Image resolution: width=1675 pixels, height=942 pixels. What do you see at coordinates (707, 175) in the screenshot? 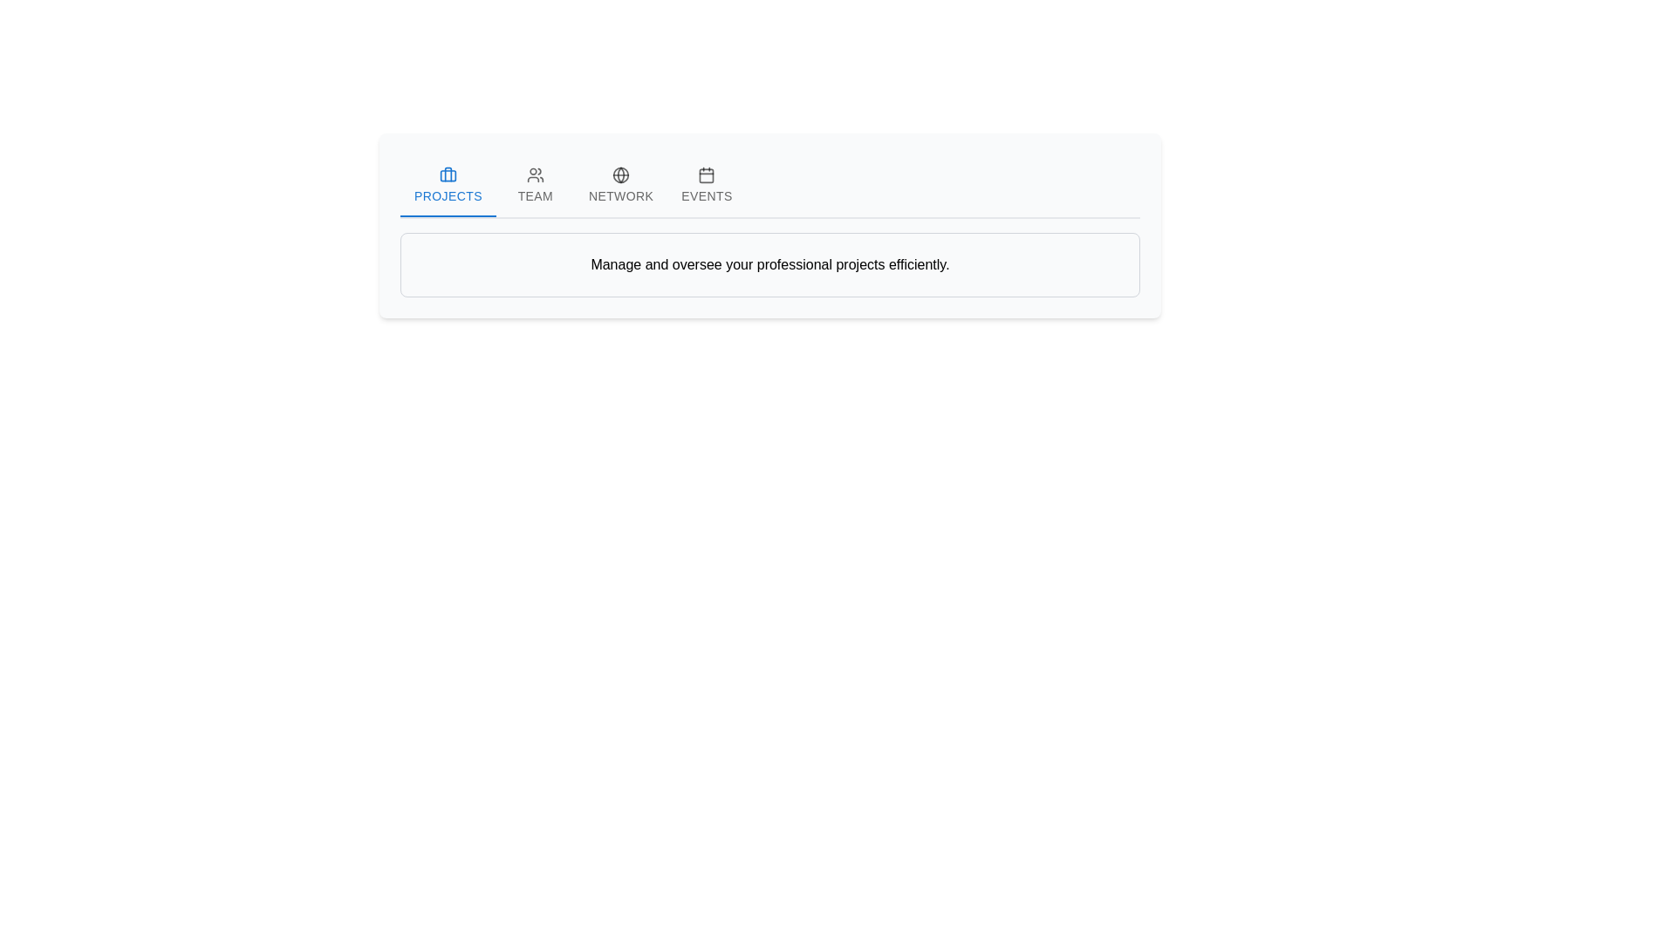
I see `the 'Events' tab icon, which indicates calendar or event-related functionalities and is located directly above the text 'EVENTS'. This icon is the fourth tab from the left in the navigation menu` at bounding box center [707, 175].